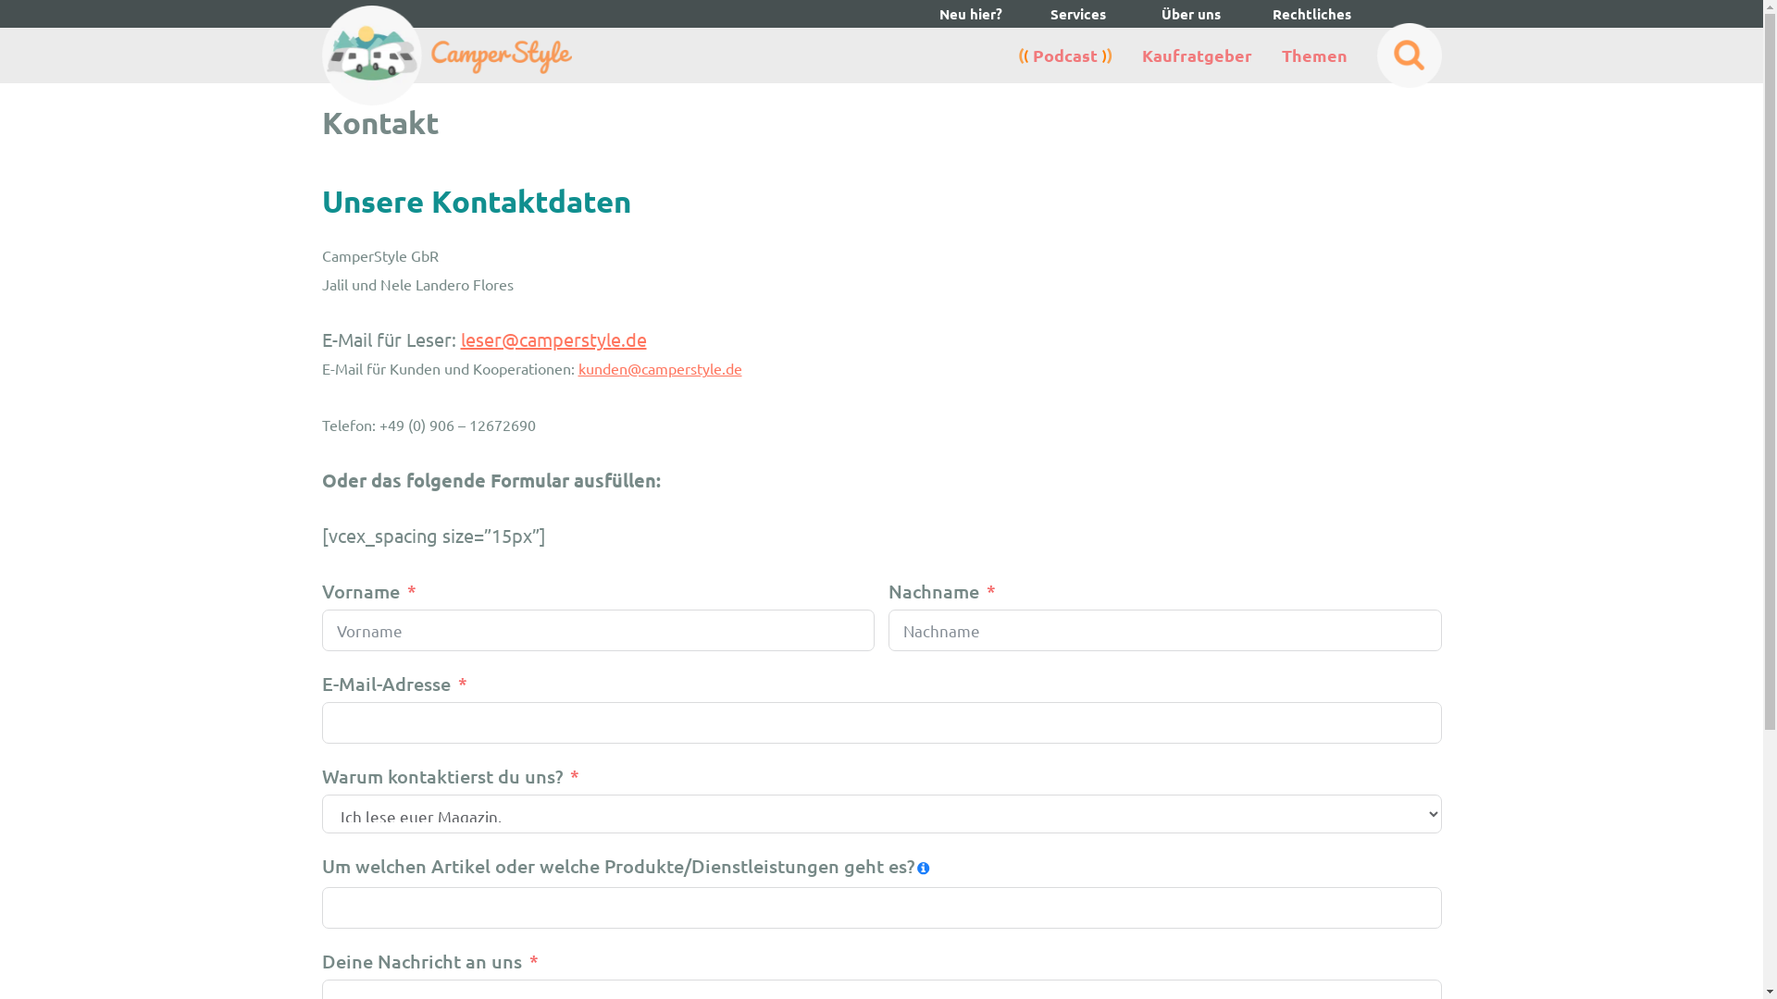  What do you see at coordinates (553, 339) in the screenshot?
I see `'leser@camperstyle.de'` at bounding box center [553, 339].